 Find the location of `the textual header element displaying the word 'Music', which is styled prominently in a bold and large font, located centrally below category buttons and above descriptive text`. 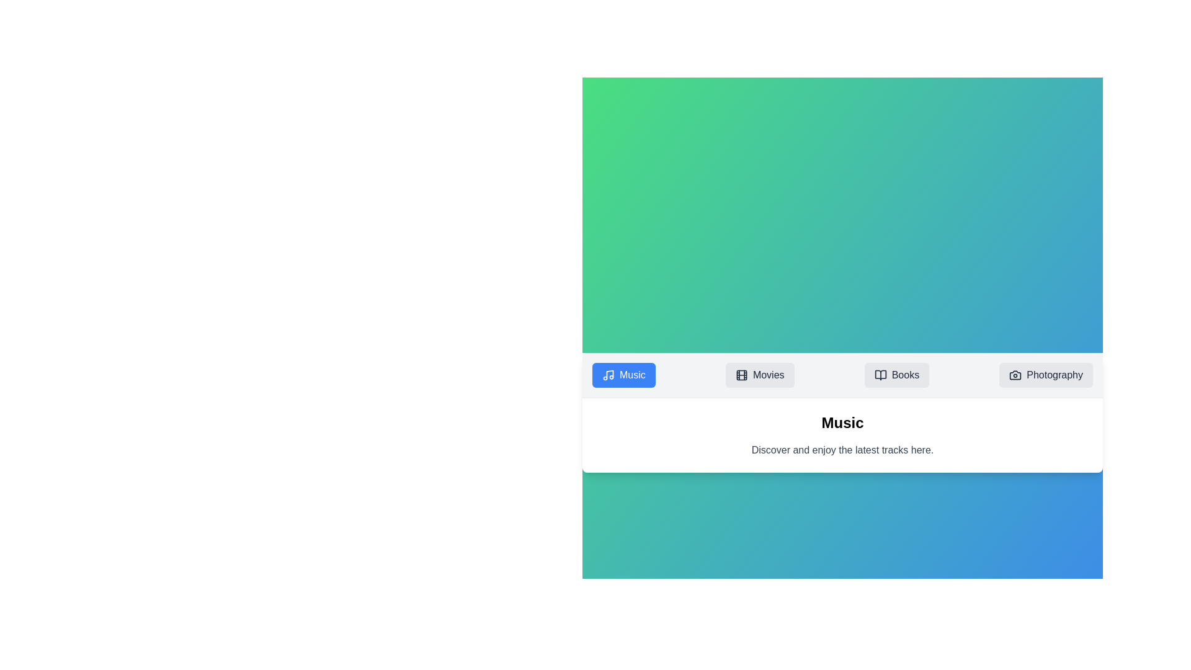

the textual header element displaying the word 'Music', which is styled prominently in a bold and large font, located centrally below category buttons and above descriptive text is located at coordinates (842, 422).